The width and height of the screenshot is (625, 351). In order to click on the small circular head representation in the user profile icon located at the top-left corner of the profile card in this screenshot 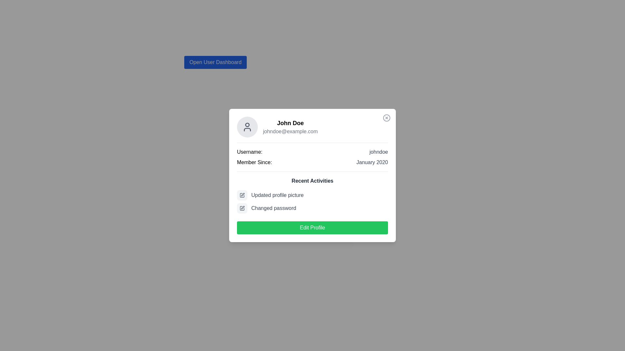, I will do `click(247, 125)`.